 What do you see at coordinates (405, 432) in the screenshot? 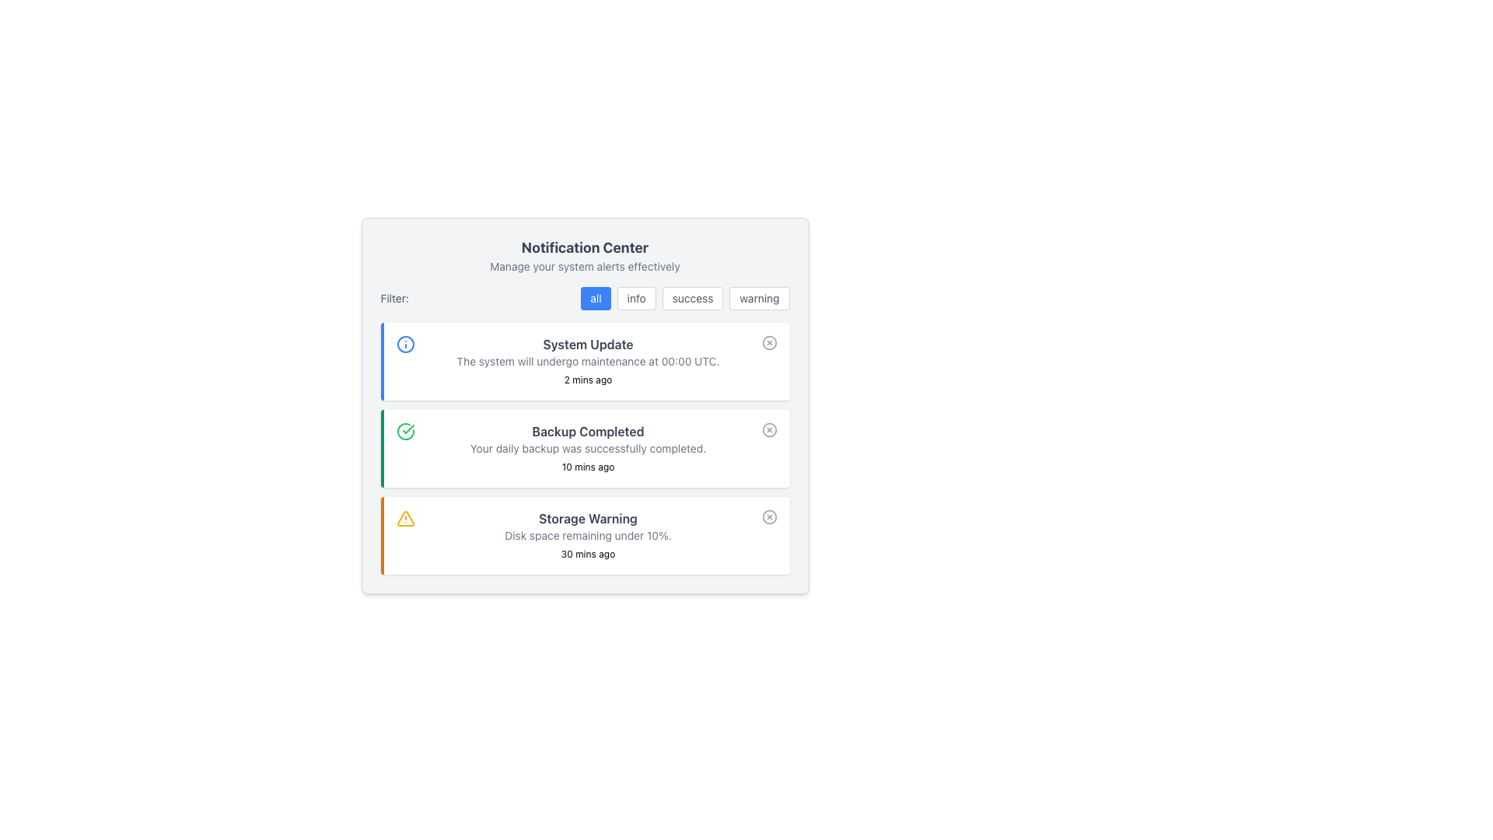
I see `the 'Backup Completed' icon, which visually indicates the successful completion of the backup action and is located at the leftmost side of the notification` at bounding box center [405, 432].